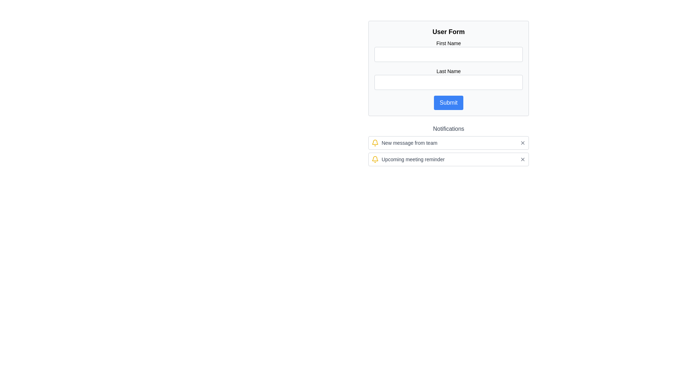  What do you see at coordinates (404, 143) in the screenshot?
I see `the Notification indicator which shows the message 'New message from team' with a yellow bell icon to the left` at bounding box center [404, 143].